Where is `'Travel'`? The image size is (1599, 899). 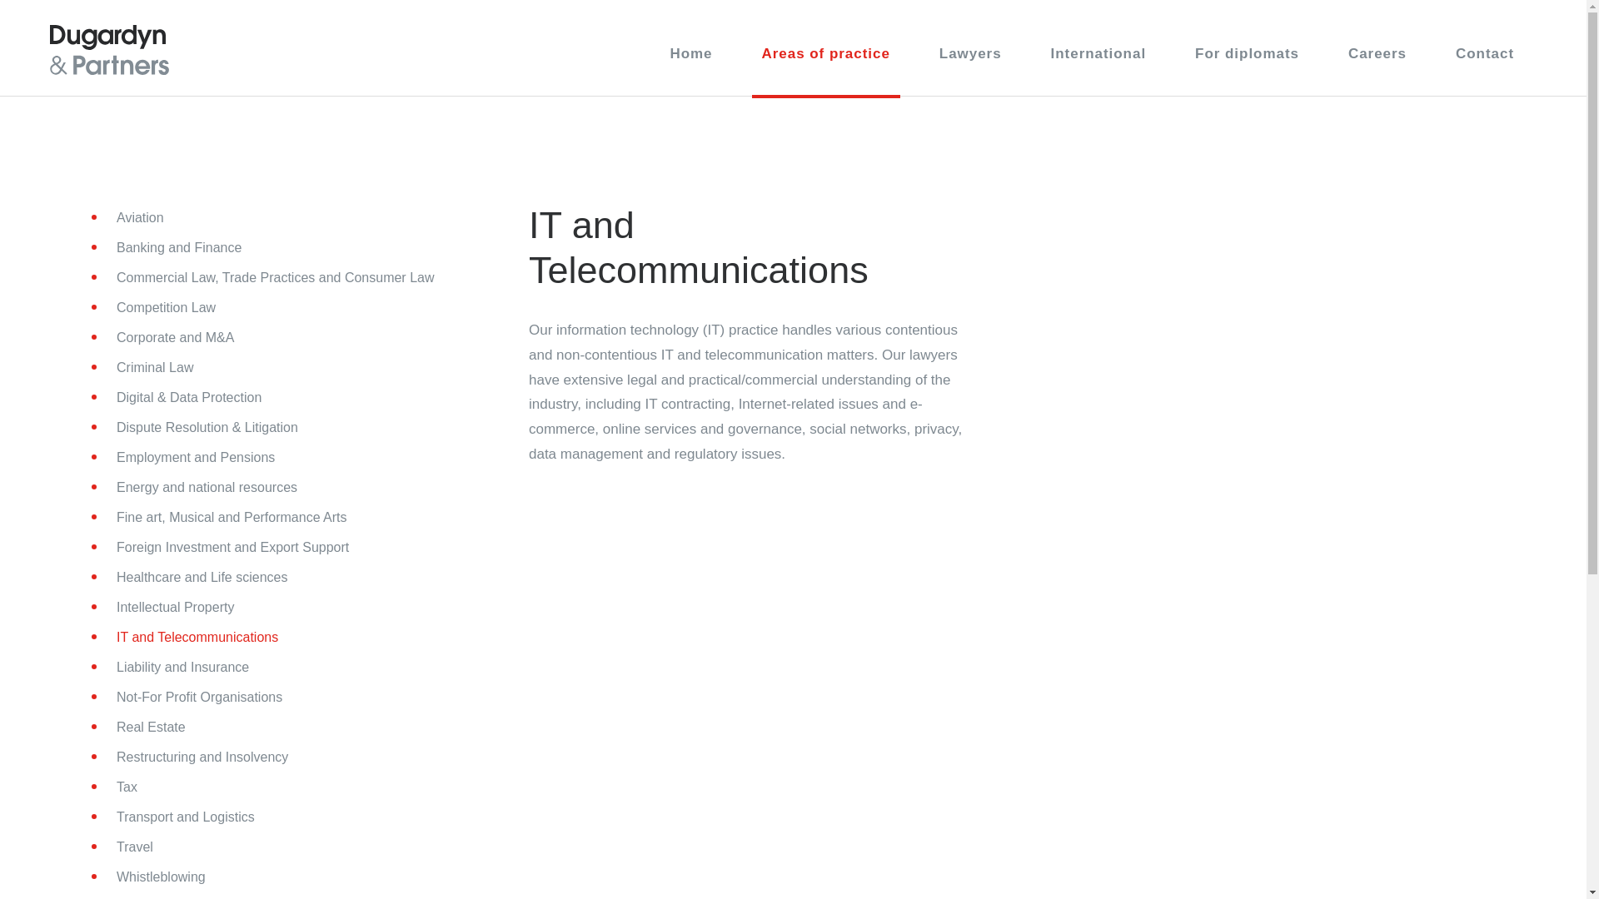
'Travel' is located at coordinates (122, 847).